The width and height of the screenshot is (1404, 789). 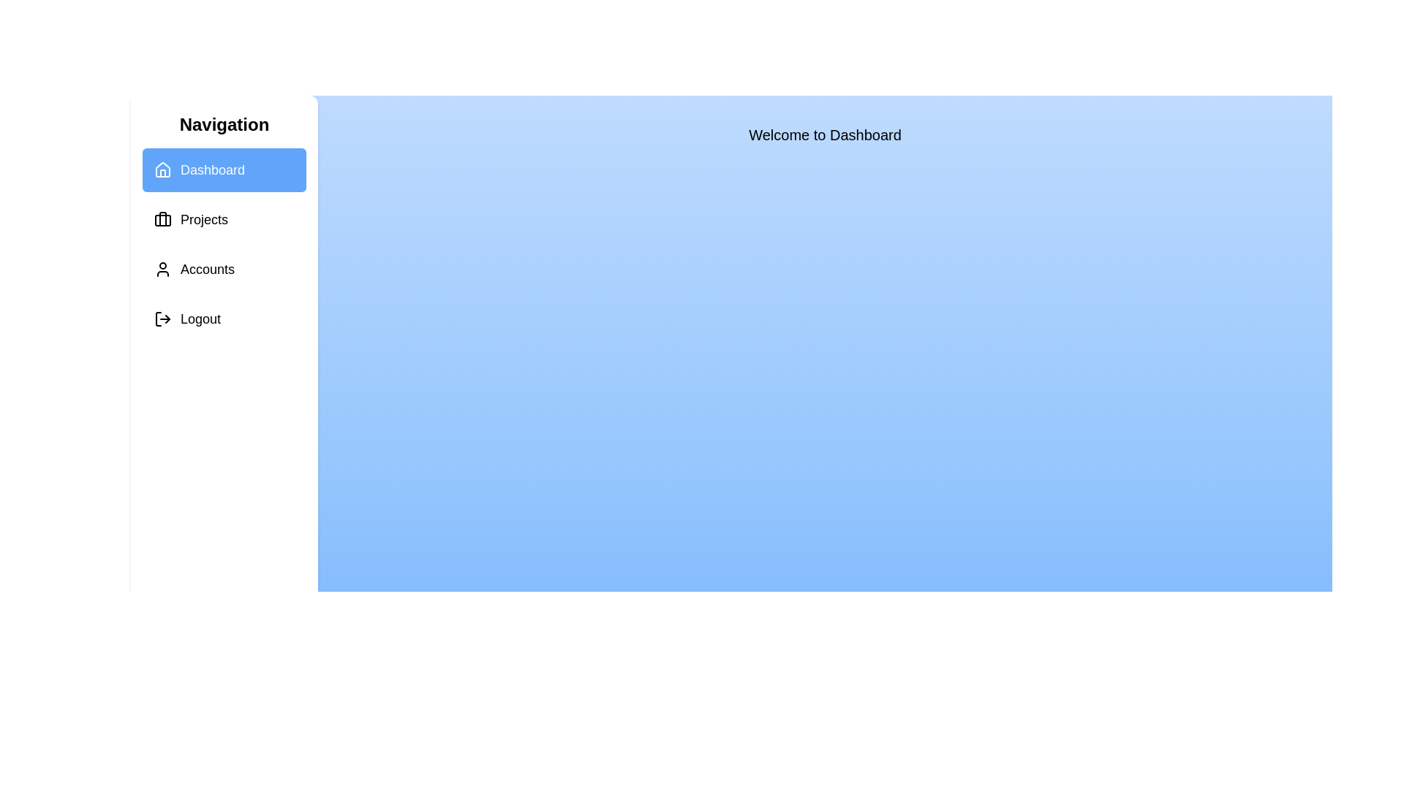 What do you see at coordinates (162, 318) in the screenshot?
I see `the icon corresponding to Logout in the sidebar to observe visual feedback` at bounding box center [162, 318].